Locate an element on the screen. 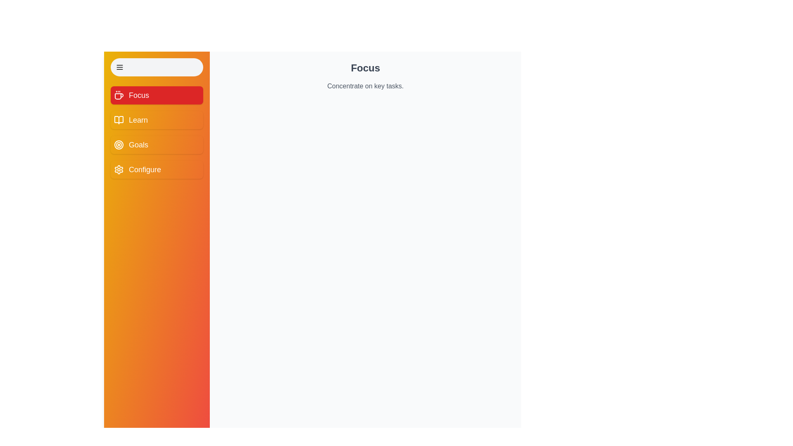 Image resolution: width=793 pixels, height=446 pixels. the menu item Learn to display its content is located at coordinates (157, 120).